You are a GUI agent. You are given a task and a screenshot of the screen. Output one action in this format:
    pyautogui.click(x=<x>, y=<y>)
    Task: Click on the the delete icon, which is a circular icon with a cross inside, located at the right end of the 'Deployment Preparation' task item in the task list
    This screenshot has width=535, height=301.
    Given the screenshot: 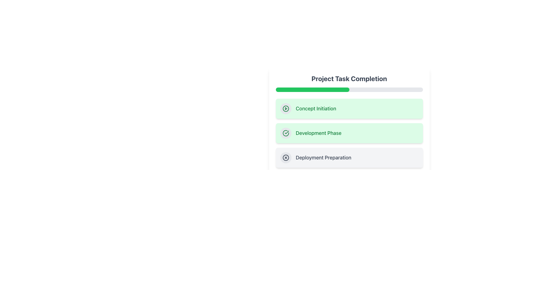 What is the action you would take?
    pyautogui.click(x=286, y=158)
    